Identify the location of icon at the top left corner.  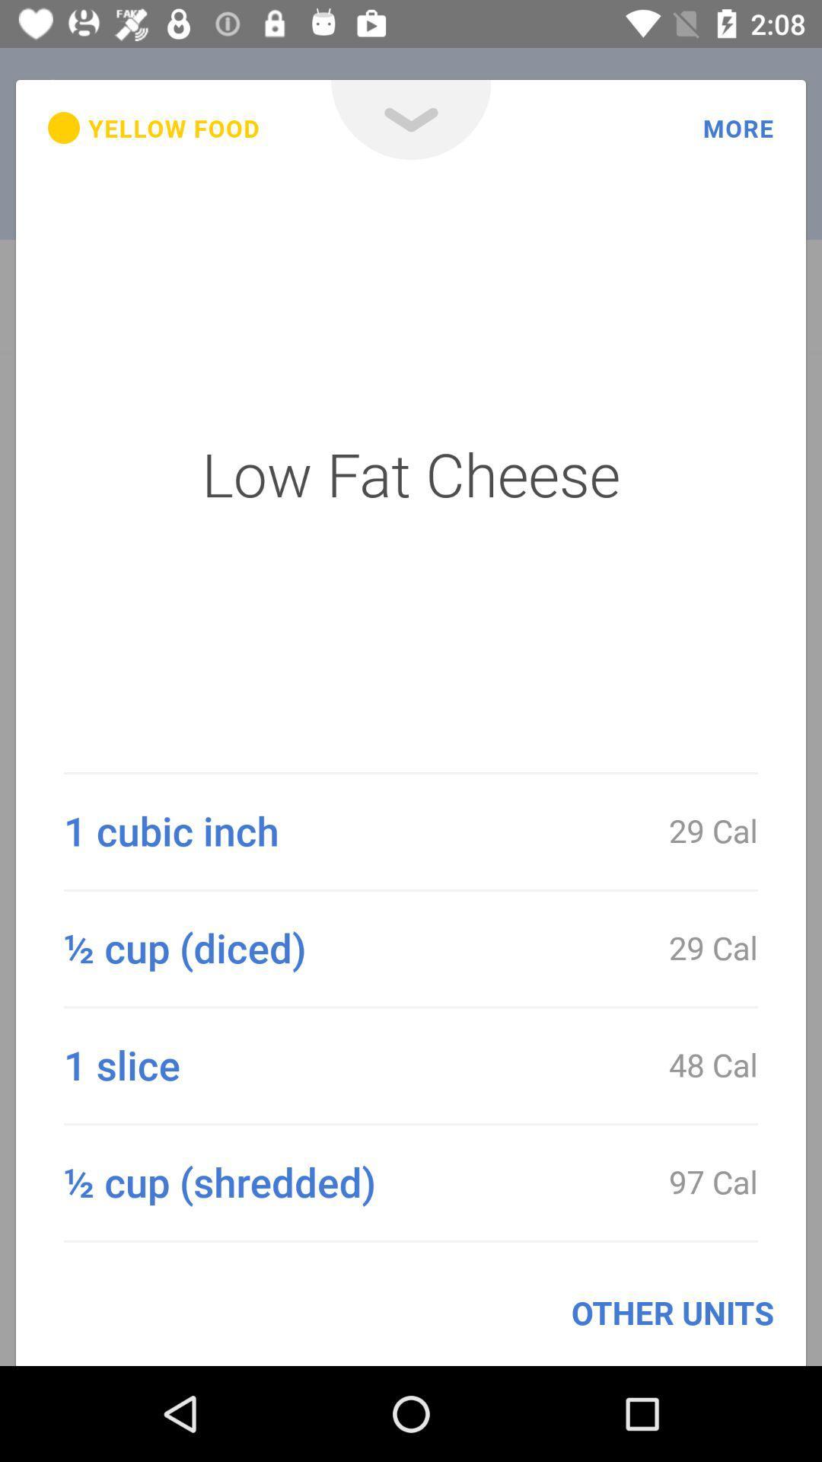
(154, 128).